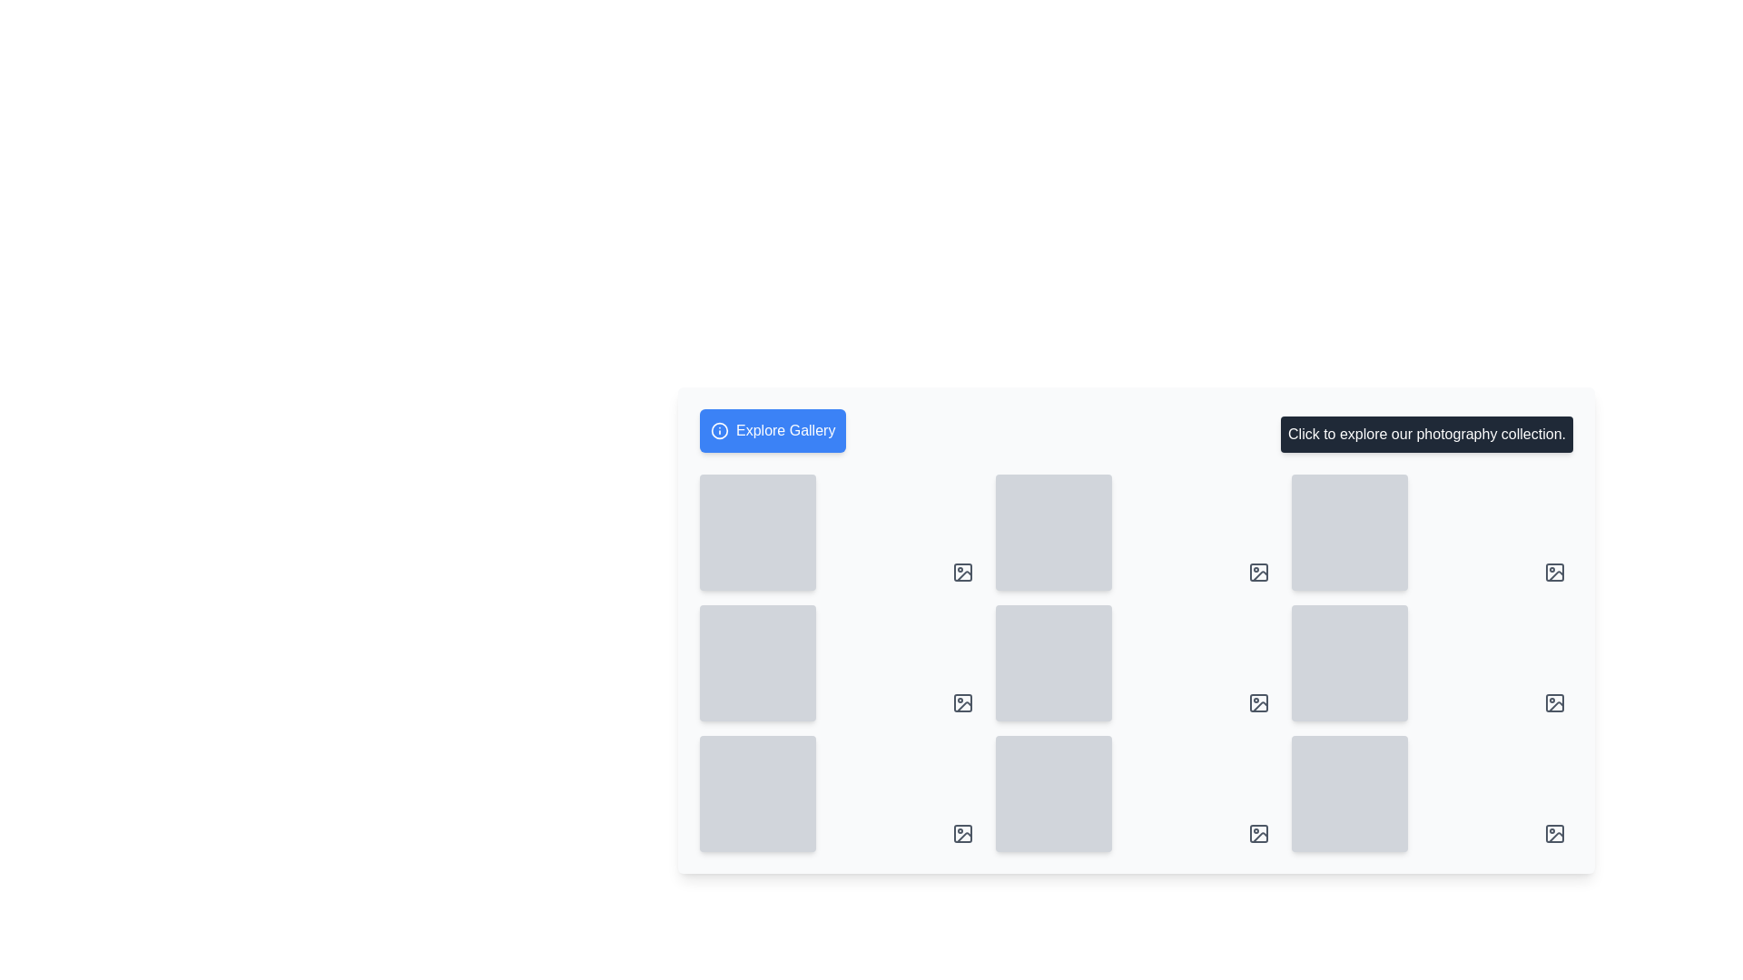 Image resolution: width=1743 pixels, height=980 pixels. I want to click on the icon element that serves as a visual placeholder or symbol for an image, indicating an empty or non-interactive state, located towards the bottom-right of the gallery layout, so click(963, 706).